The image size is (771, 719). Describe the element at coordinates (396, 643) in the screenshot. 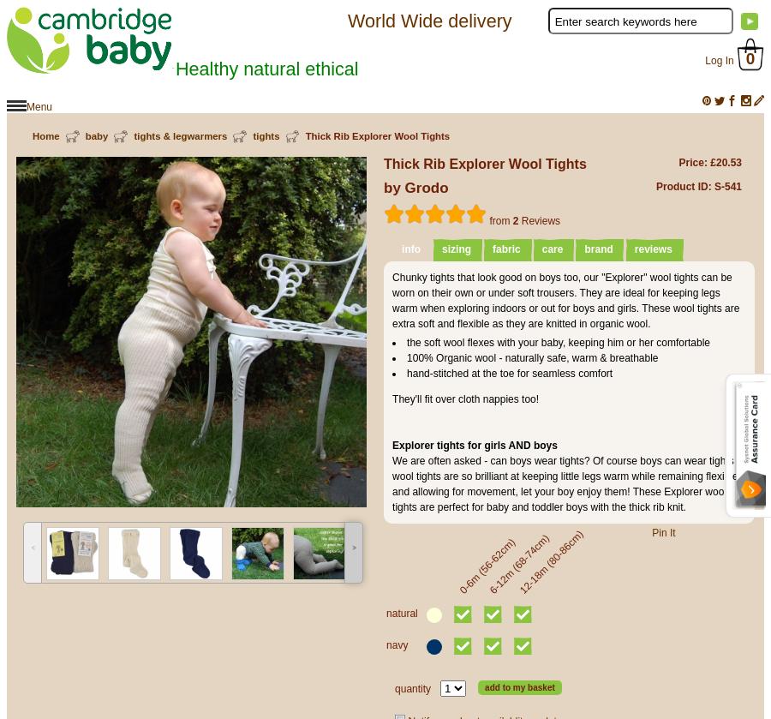

I see `'navy'` at that location.